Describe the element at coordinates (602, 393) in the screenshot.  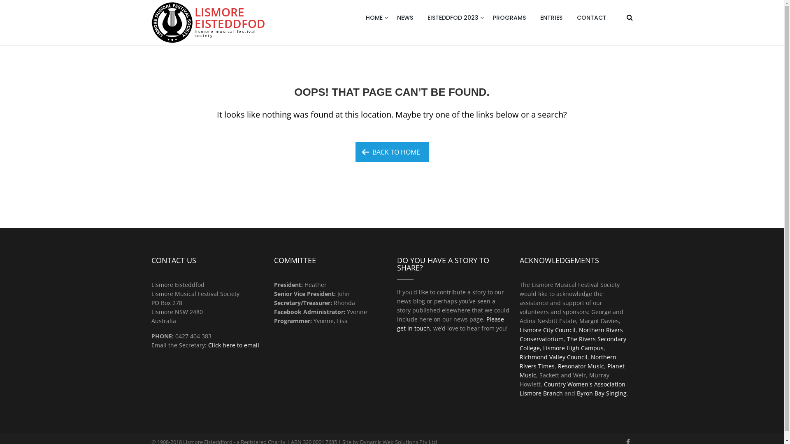
I see `'Byron Bay Singing'` at that location.